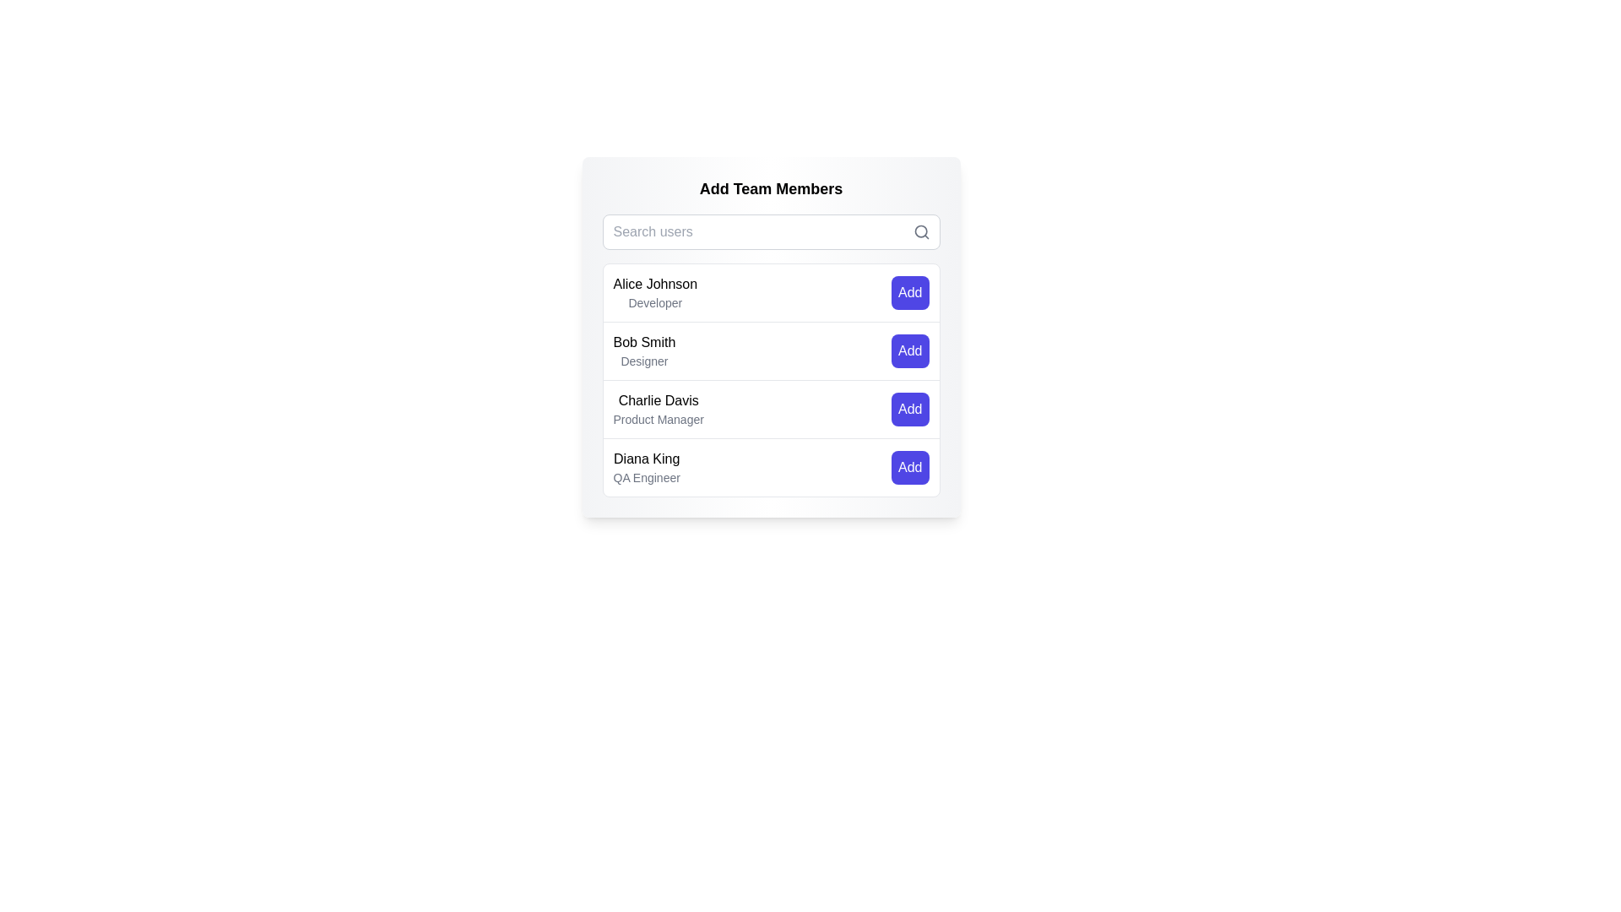 The height and width of the screenshot is (912, 1621). I want to click on the circular lens of the magnifying glass icon in the search bar, so click(919, 231).